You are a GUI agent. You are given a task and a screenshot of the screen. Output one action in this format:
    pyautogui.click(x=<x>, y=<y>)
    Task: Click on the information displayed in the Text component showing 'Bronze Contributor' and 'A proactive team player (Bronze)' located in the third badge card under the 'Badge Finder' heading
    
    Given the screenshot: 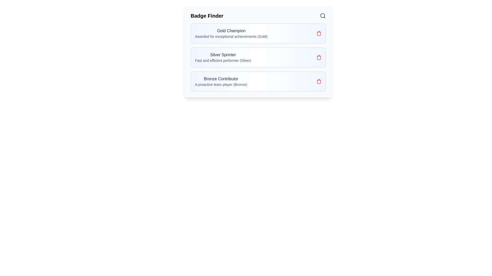 What is the action you would take?
    pyautogui.click(x=221, y=81)
    